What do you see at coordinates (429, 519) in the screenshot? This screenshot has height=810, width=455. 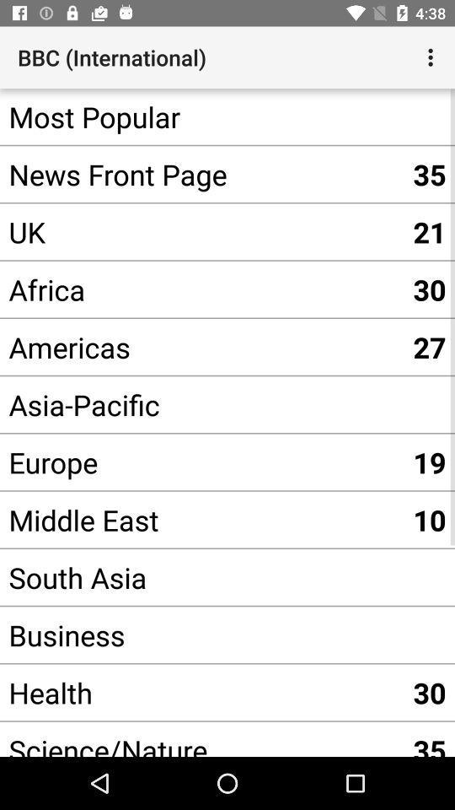 I see `the icon below 19 icon` at bounding box center [429, 519].